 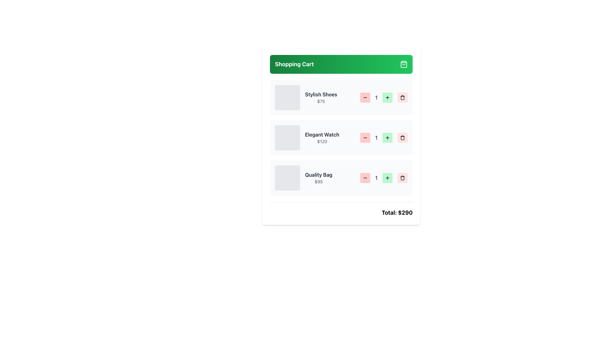 What do you see at coordinates (321, 94) in the screenshot?
I see `the text label displaying 'Stylish Shoes', which is positioned above the price label '$75' in the shopping cart interface` at bounding box center [321, 94].